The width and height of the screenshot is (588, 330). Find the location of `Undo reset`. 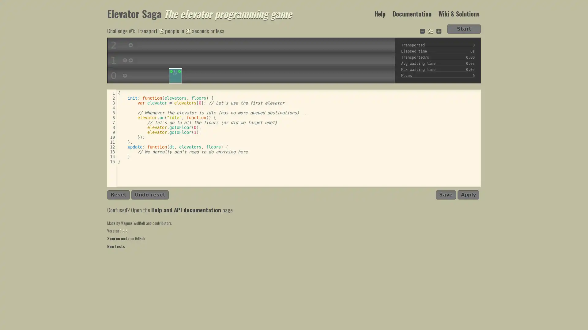

Undo reset is located at coordinates (150, 195).